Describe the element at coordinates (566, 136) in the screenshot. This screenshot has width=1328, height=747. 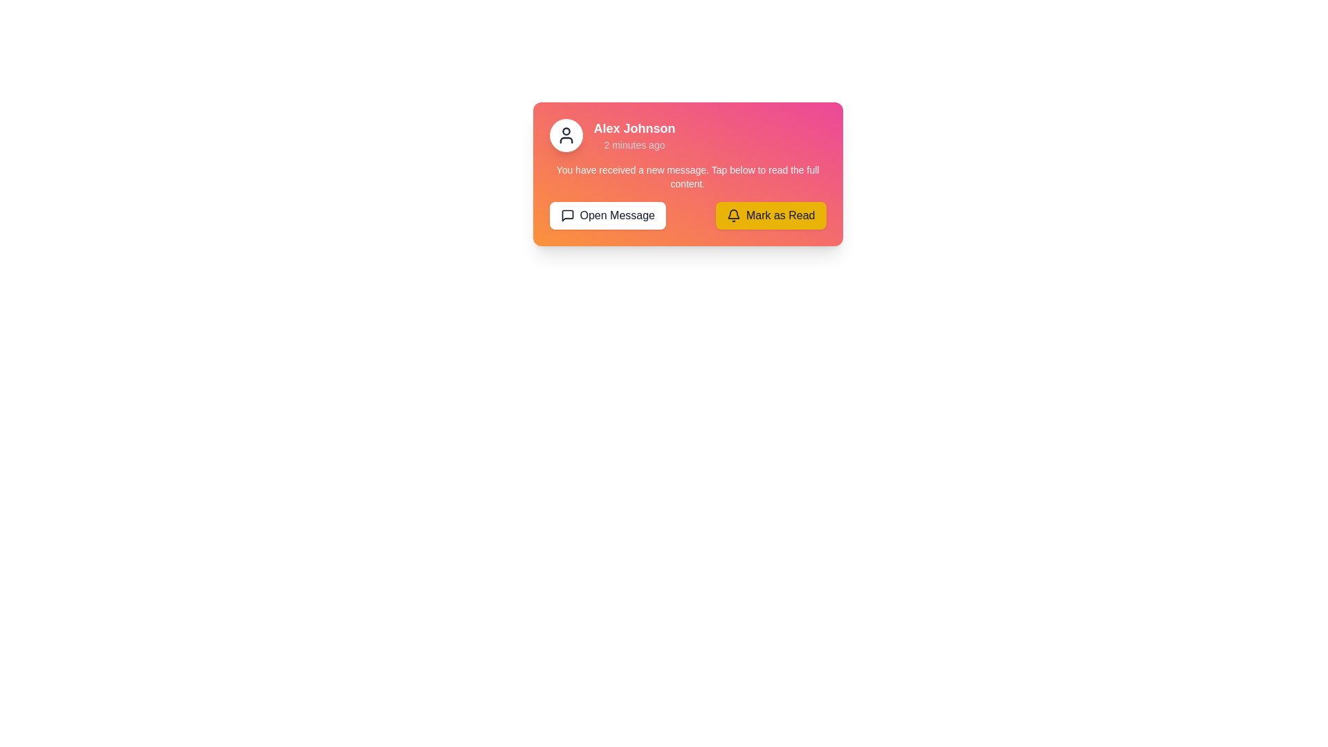
I see `the user avatar icon, which is a dark gray silhouette within a circular outline on the upper left corner of the notification card` at that location.